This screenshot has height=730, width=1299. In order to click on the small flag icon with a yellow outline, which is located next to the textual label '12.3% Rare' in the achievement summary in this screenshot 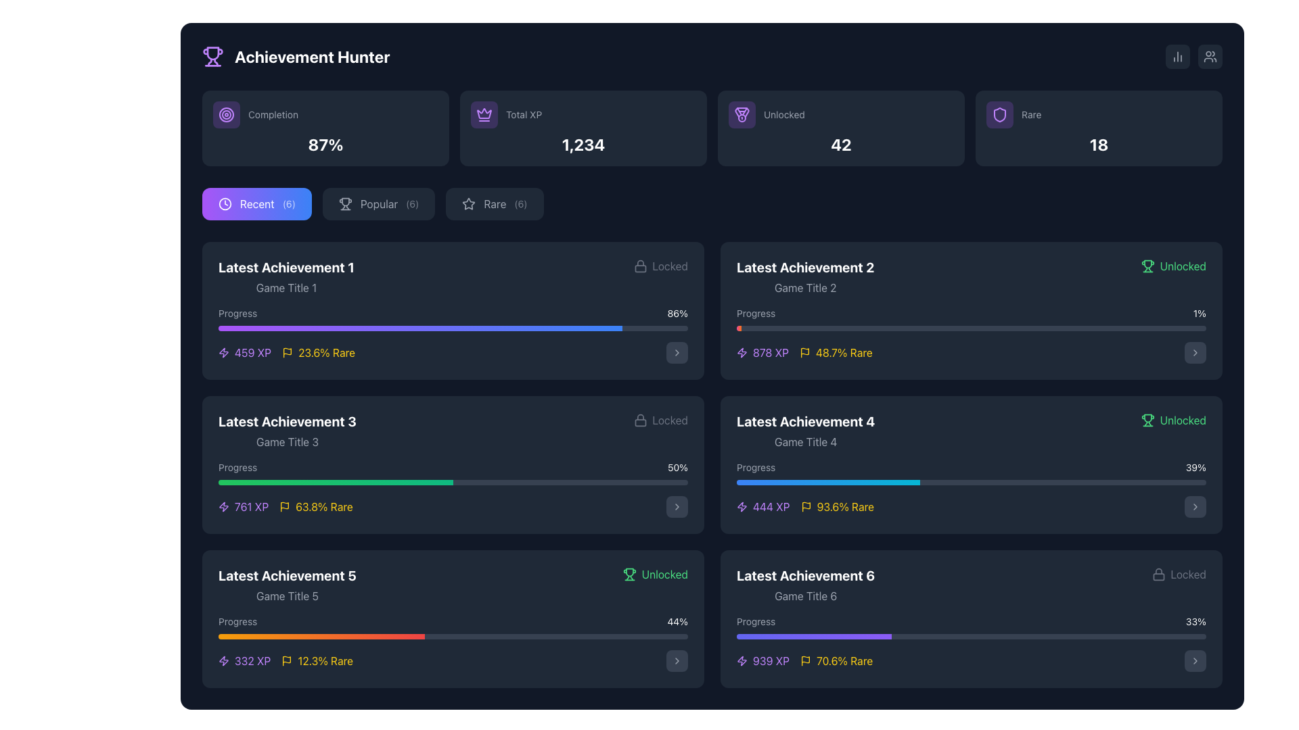, I will do `click(286, 660)`.